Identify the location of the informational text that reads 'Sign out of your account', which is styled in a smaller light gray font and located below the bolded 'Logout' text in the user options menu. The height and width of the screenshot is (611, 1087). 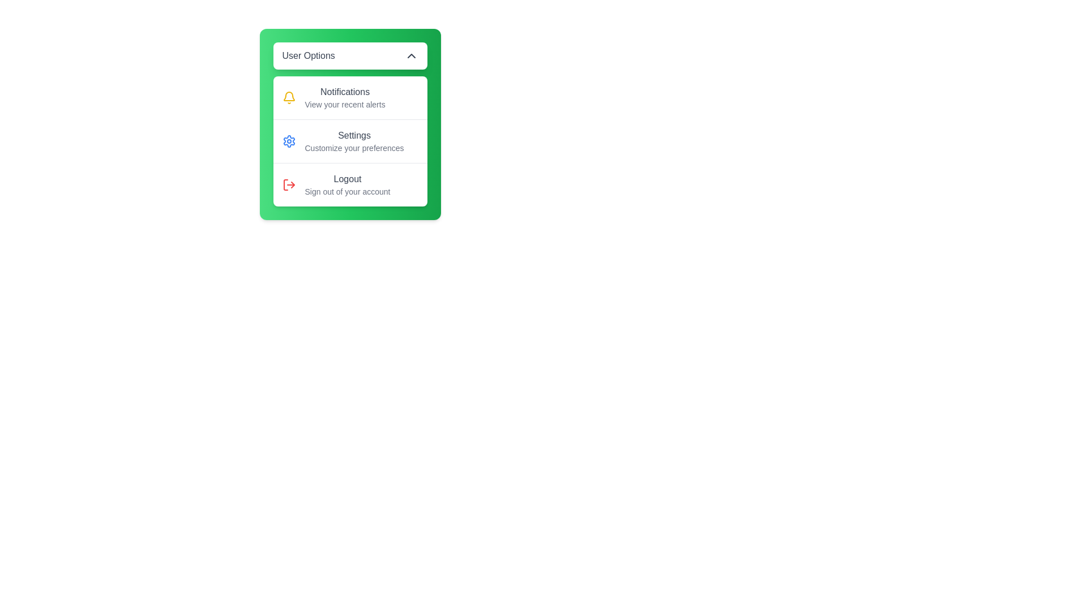
(347, 191).